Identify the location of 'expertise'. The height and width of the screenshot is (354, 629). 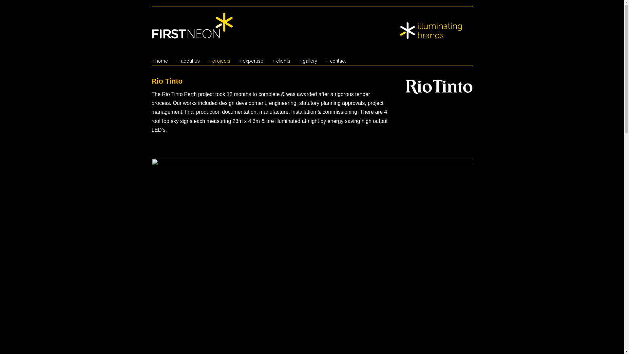
(251, 58).